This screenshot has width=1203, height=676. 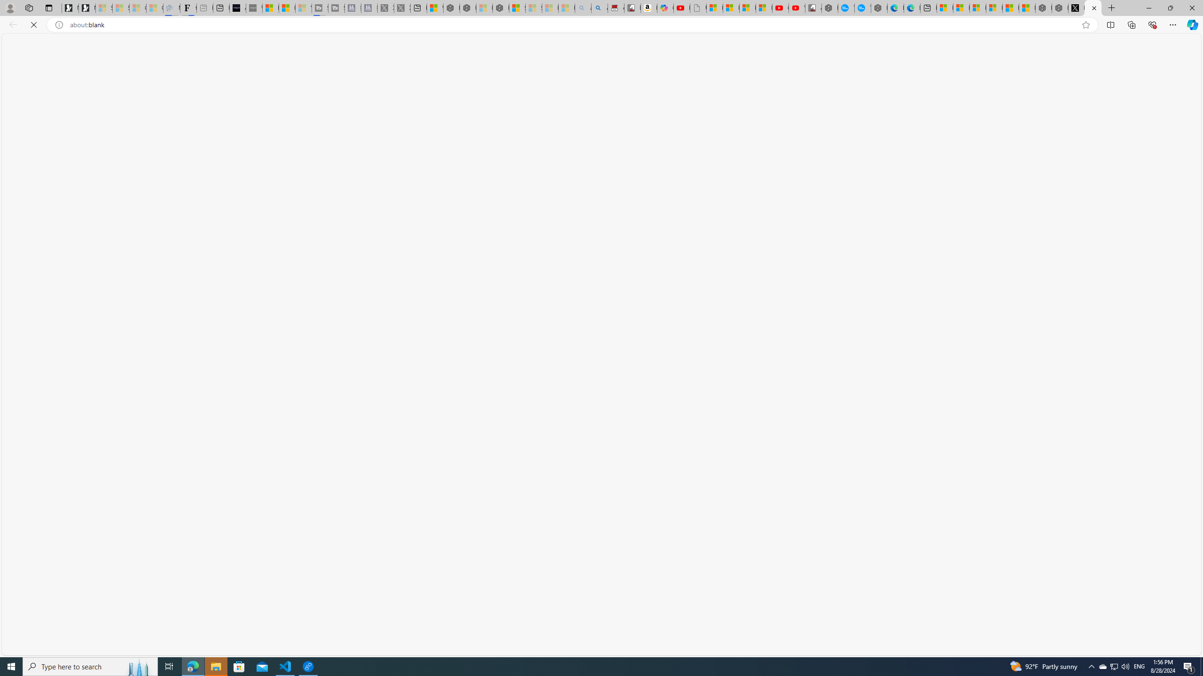 What do you see at coordinates (829, 8) in the screenshot?
I see `'Nordace - My Account'` at bounding box center [829, 8].